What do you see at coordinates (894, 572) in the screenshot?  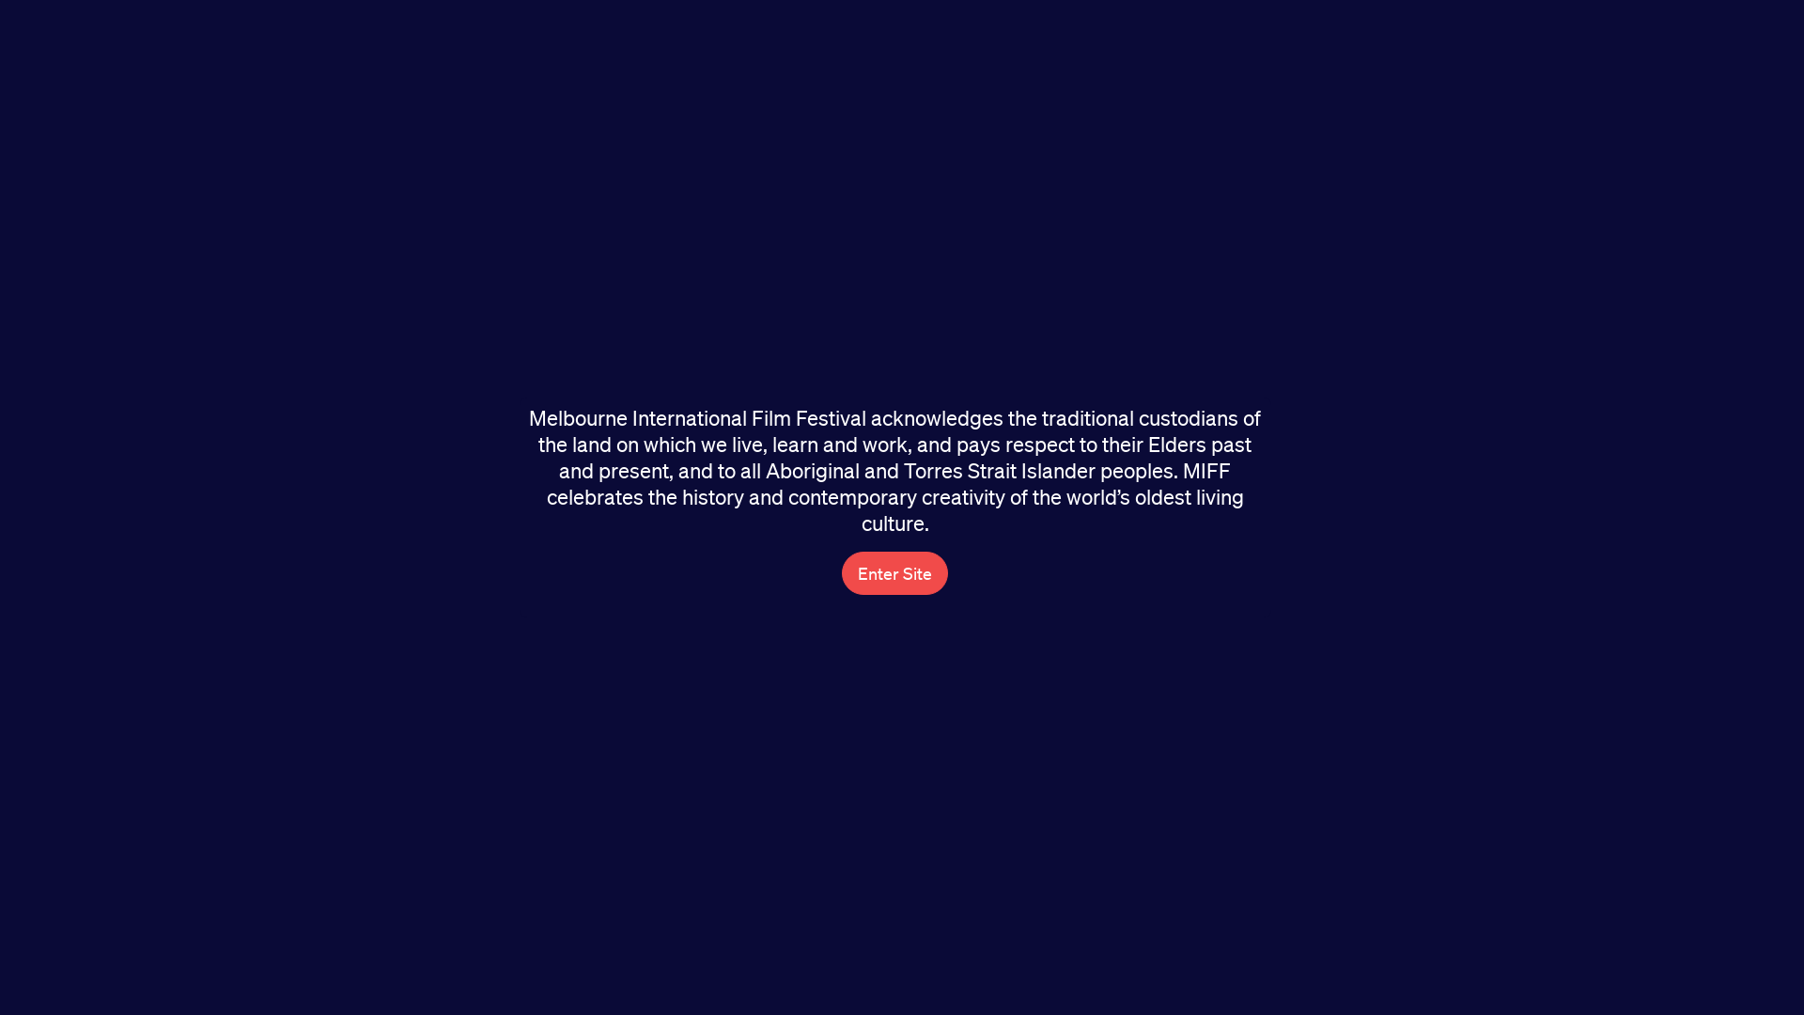 I see `'Enter Site'` at bounding box center [894, 572].